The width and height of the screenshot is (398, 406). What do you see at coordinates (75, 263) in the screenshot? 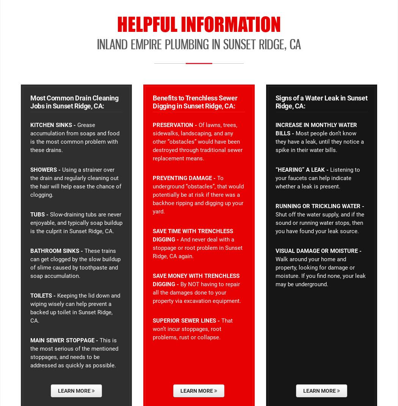
I see `'These trains can get clogged by the slow buildup of slime caused by toothpaste and soap accumulation.'` at bounding box center [75, 263].